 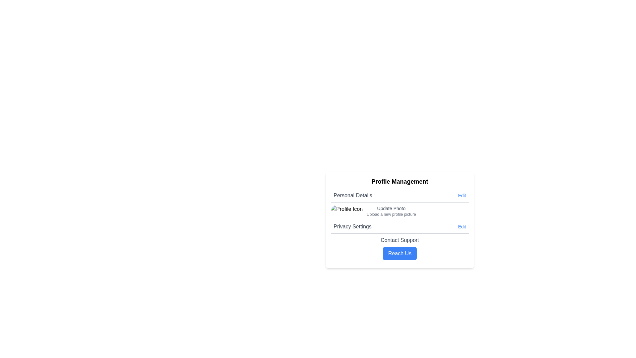 I want to click on the information display element for updating the user's profile picture located in the 'Profile Management' section, positioned between 'Personal Details' and 'Privacy Settings', so click(x=399, y=211).